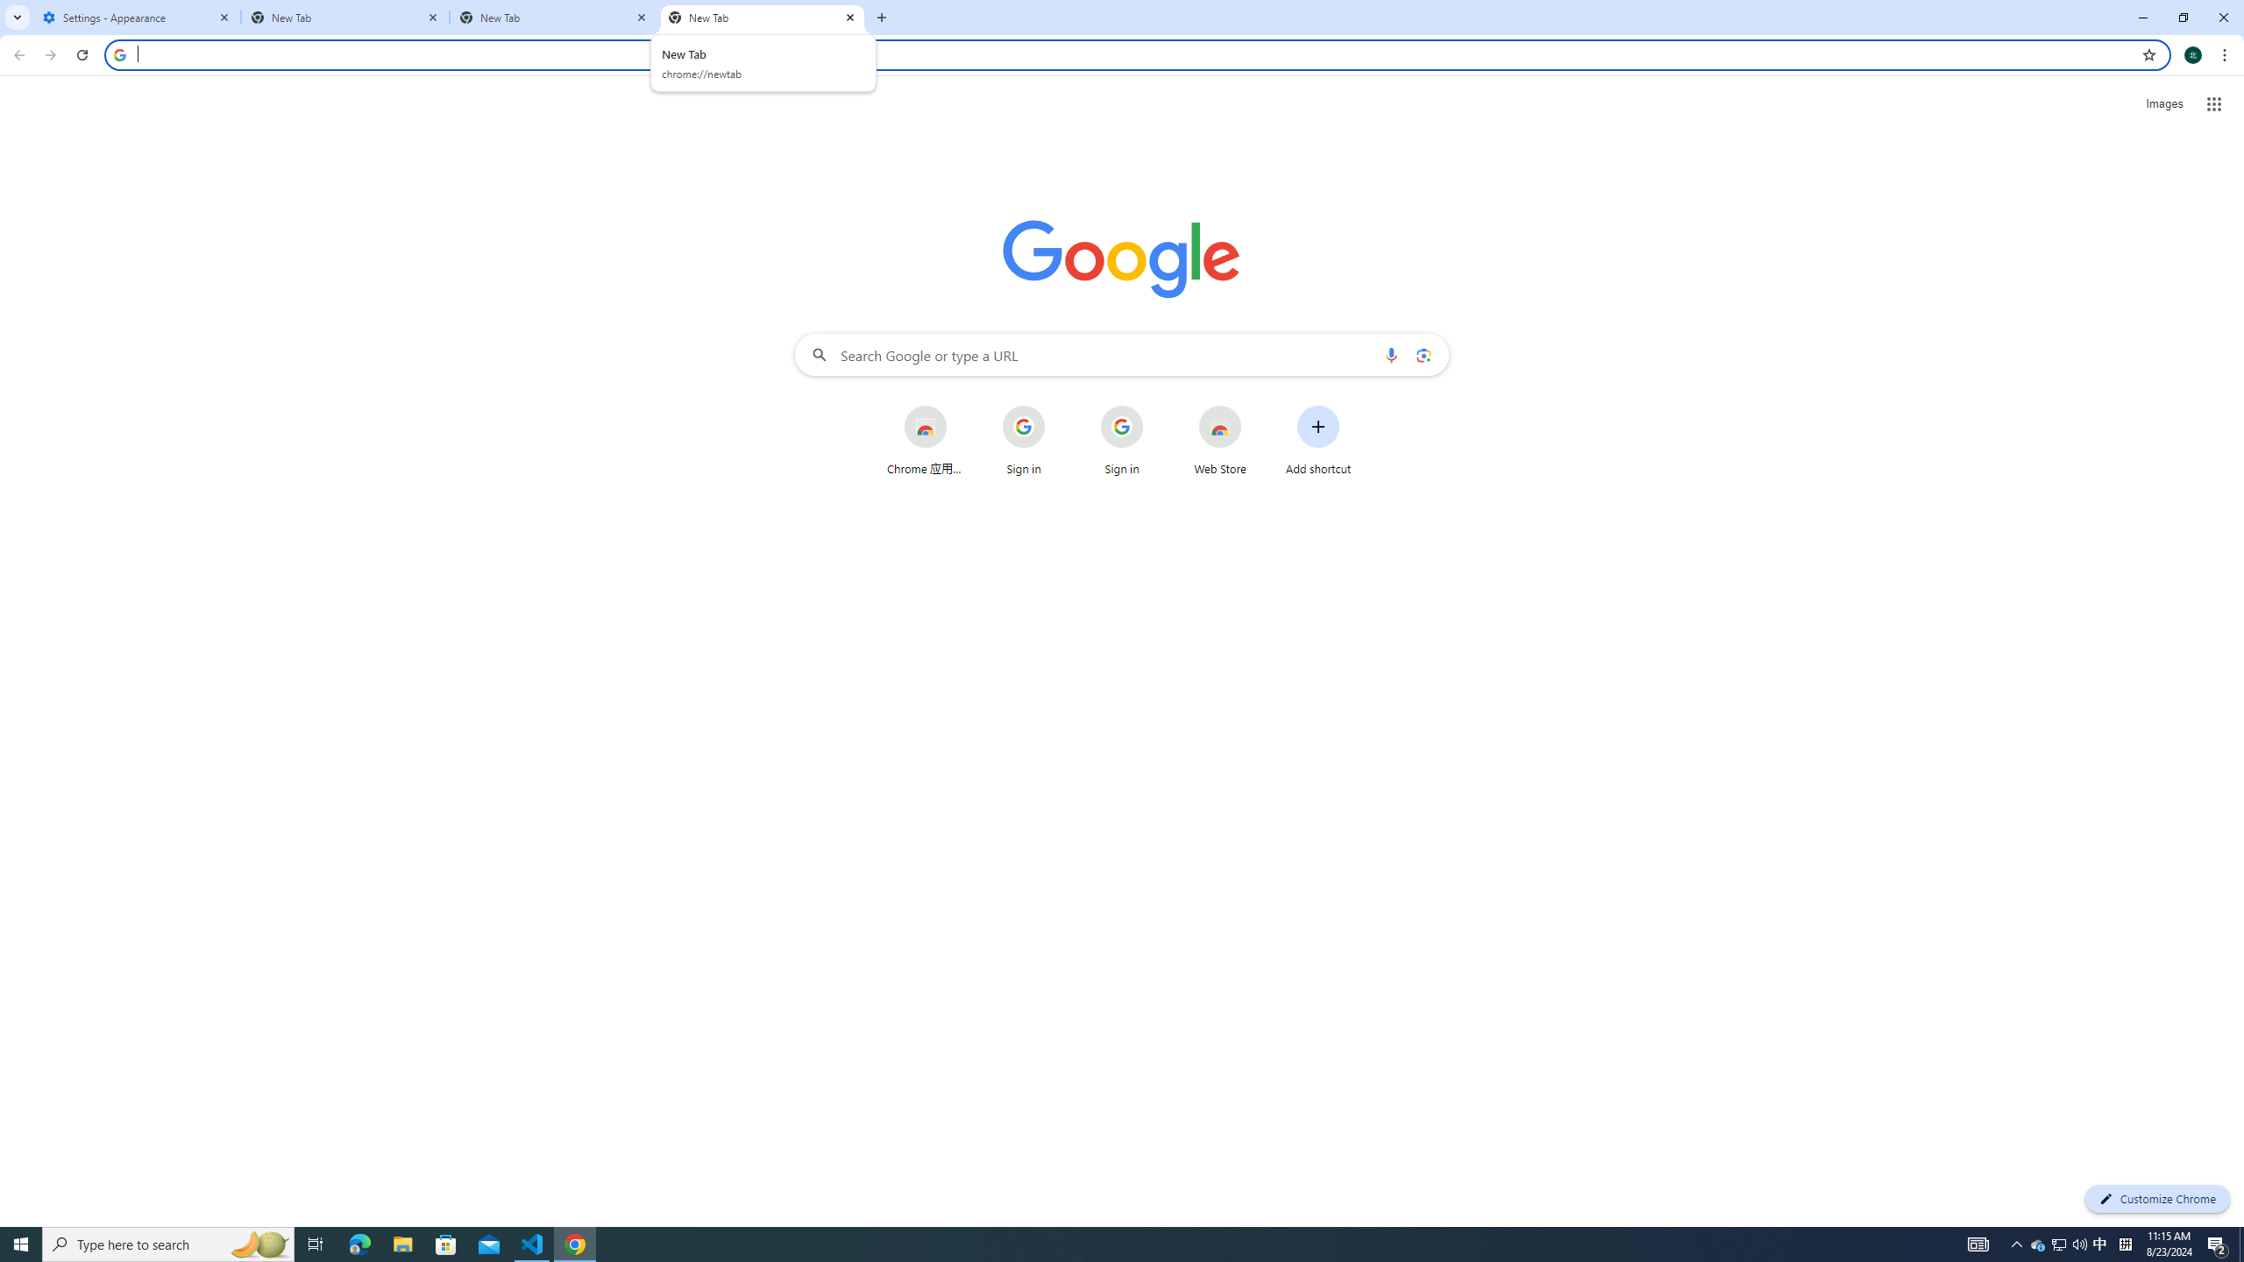 This screenshot has width=2244, height=1262. Describe the element at coordinates (136, 17) in the screenshot. I see `'Settings - Appearance'` at that location.